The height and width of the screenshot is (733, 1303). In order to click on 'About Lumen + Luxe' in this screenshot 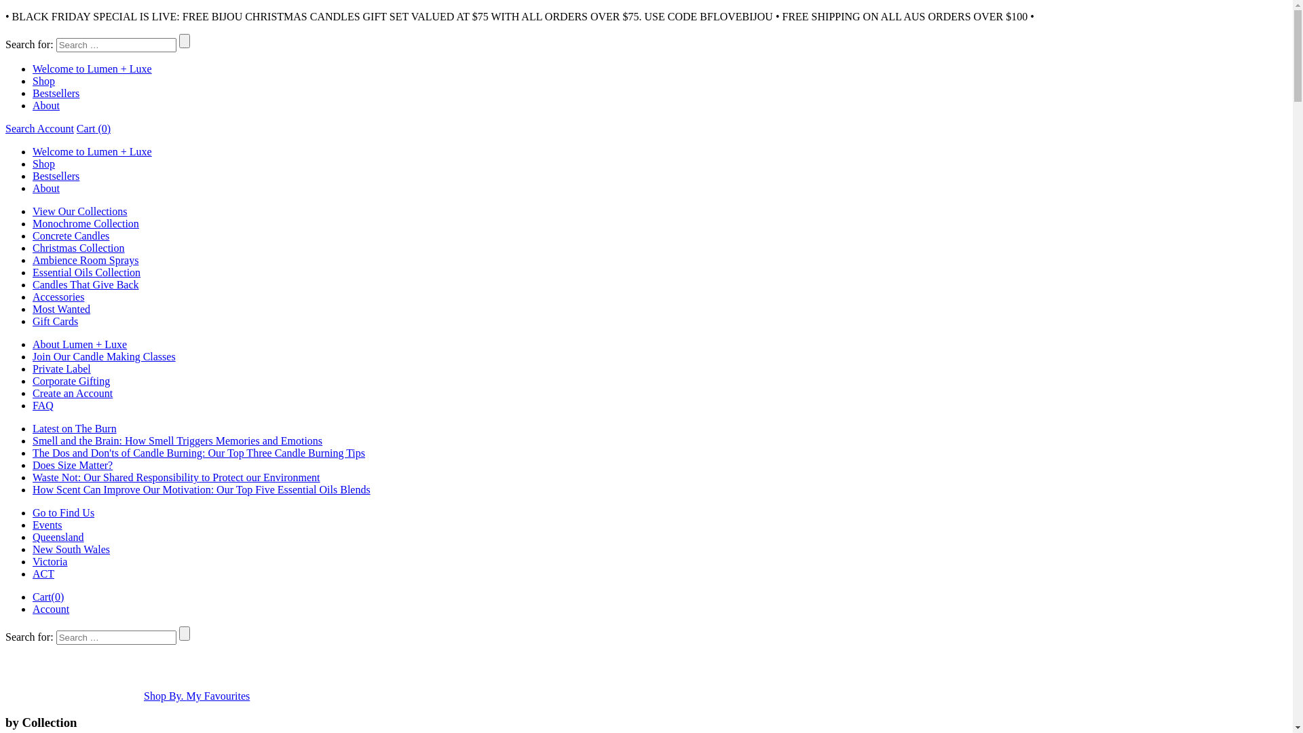, I will do `click(79, 343)`.